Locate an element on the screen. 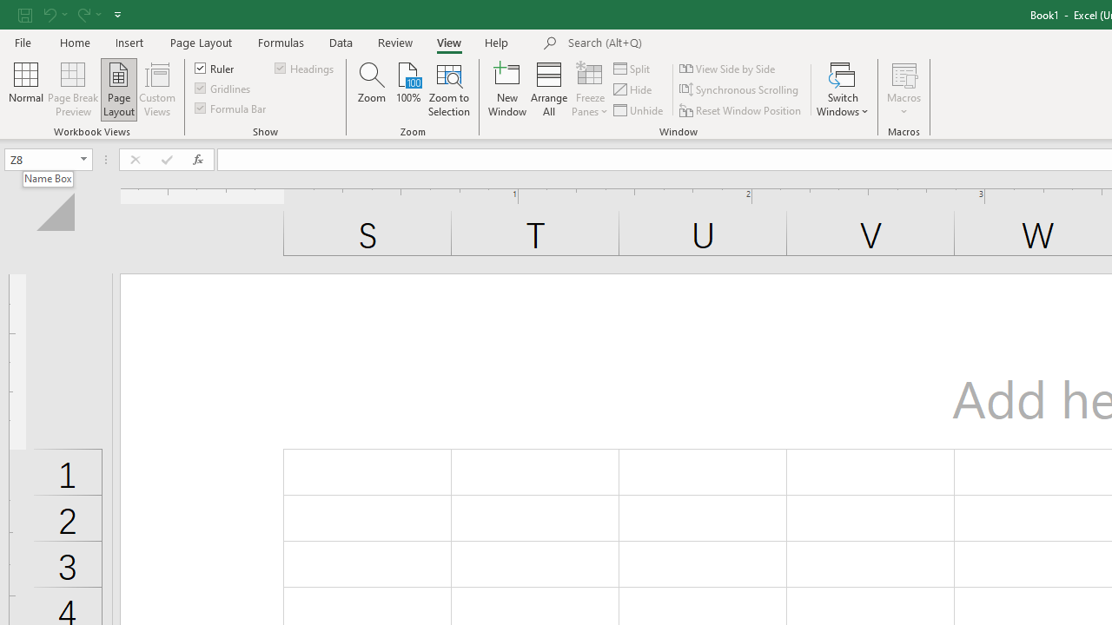 Image resolution: width=1112 pixels, height=625 pixels. '100%' is located at coordinates (407, 89).